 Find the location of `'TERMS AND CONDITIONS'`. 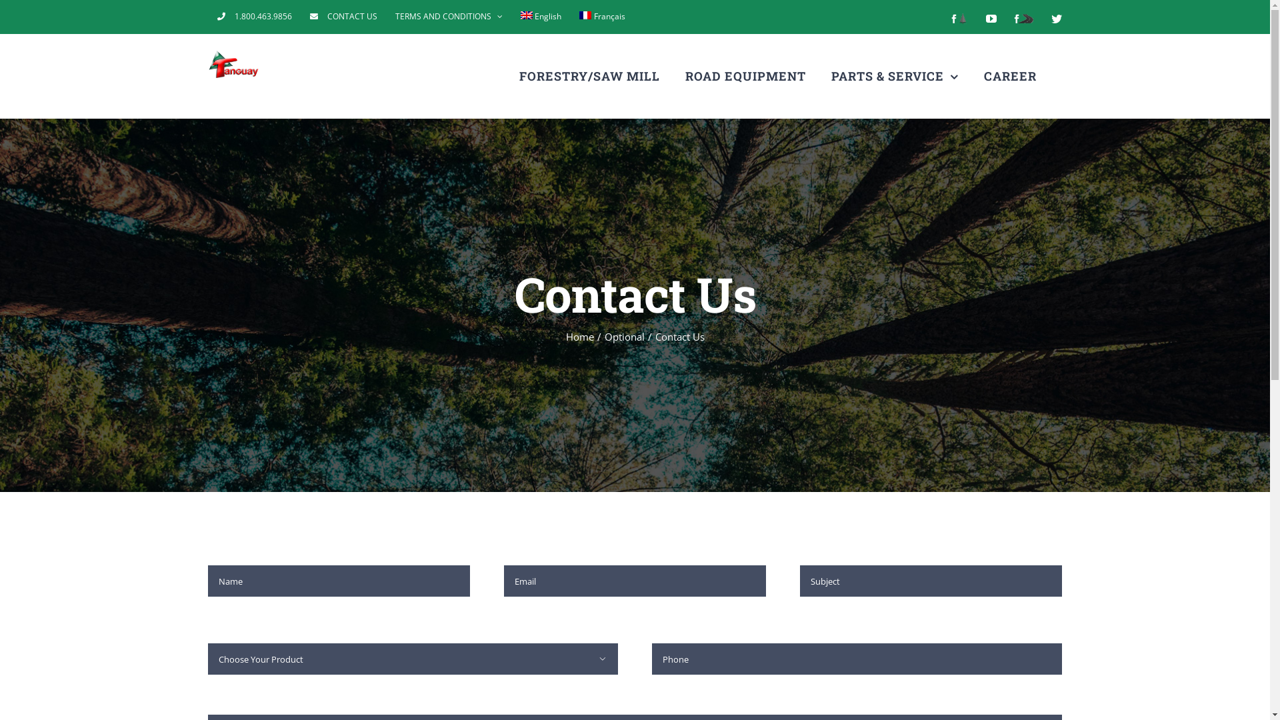

'TERMS AND CONDITIONS' is located at coordinates (449, 16).